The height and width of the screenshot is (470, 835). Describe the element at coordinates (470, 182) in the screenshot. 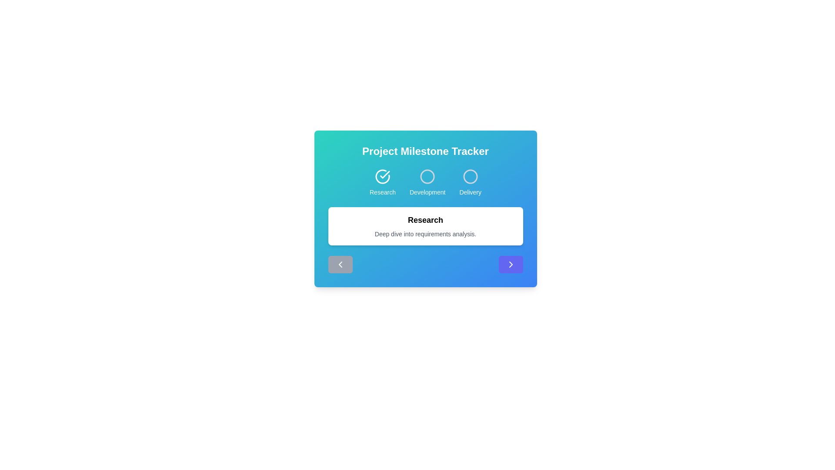

I see `the circle of the third step indicator` at that location.